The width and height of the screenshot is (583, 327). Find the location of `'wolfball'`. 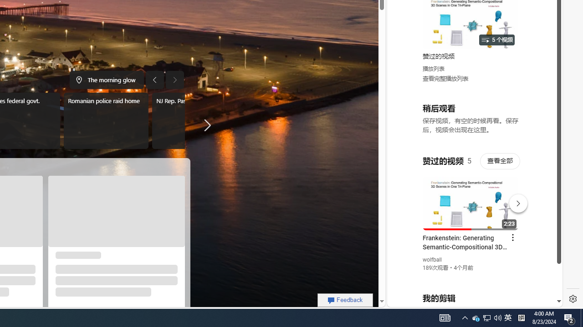

'wolfball' is located at coordinates (432, 260).